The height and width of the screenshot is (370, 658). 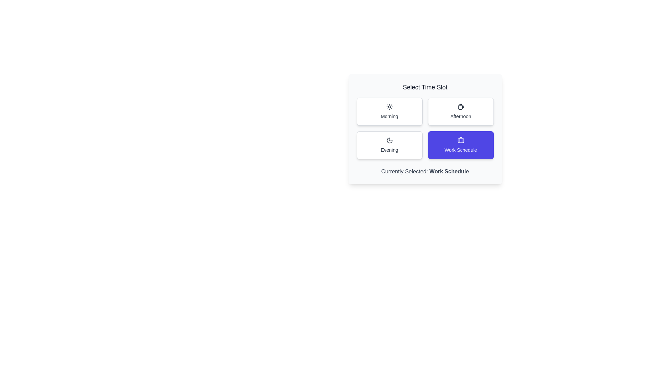 What do you see at coordinates (389, 145) in the screenshot?
I see `the time slot by clicking on the button labeled Evening` at bounding box center [389, 145].